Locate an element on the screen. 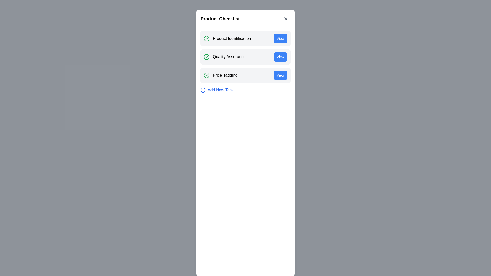 The image size is (491, 276). the green checkmark icon representing a positive status within the 'Quality Assurance' section of the card layout to potentially reveal additional information is located at coordinates (207, 37).